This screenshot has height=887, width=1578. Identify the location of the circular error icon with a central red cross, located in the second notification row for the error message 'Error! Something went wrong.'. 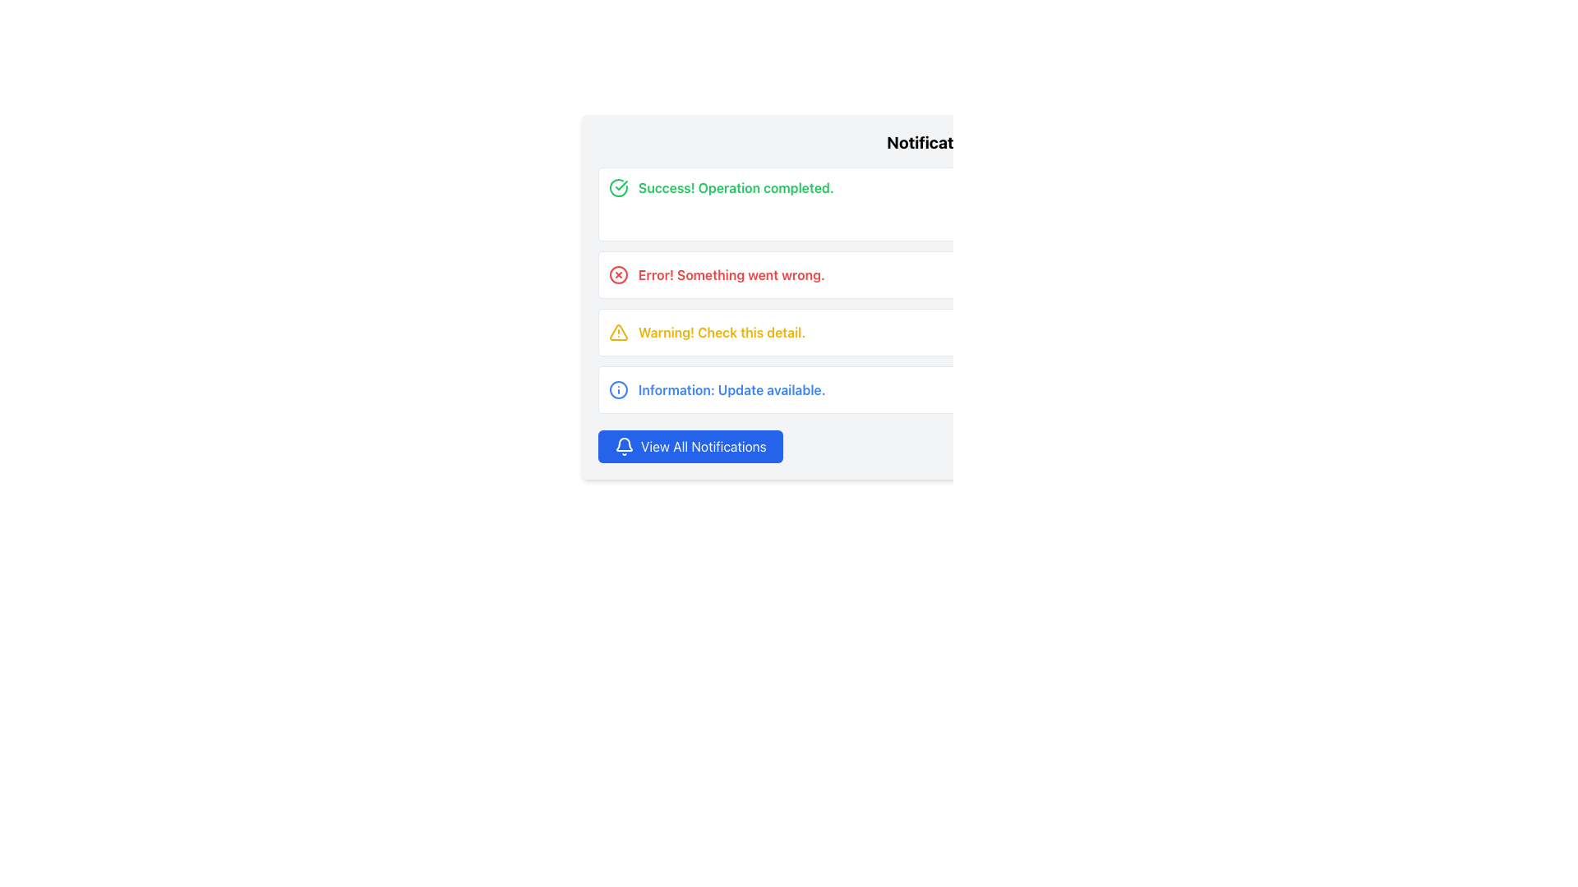
(618, 274).